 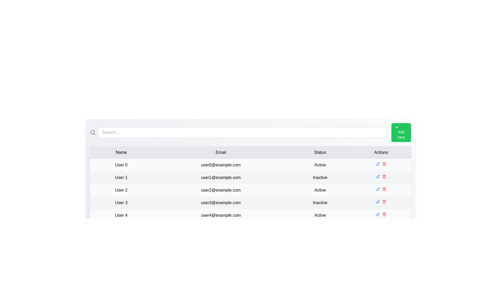 What do you see at coordinates (377, 177) in the screenshot?
I see `the edit icon for the row corresponding to User 1` at bounding box center [377, 177].